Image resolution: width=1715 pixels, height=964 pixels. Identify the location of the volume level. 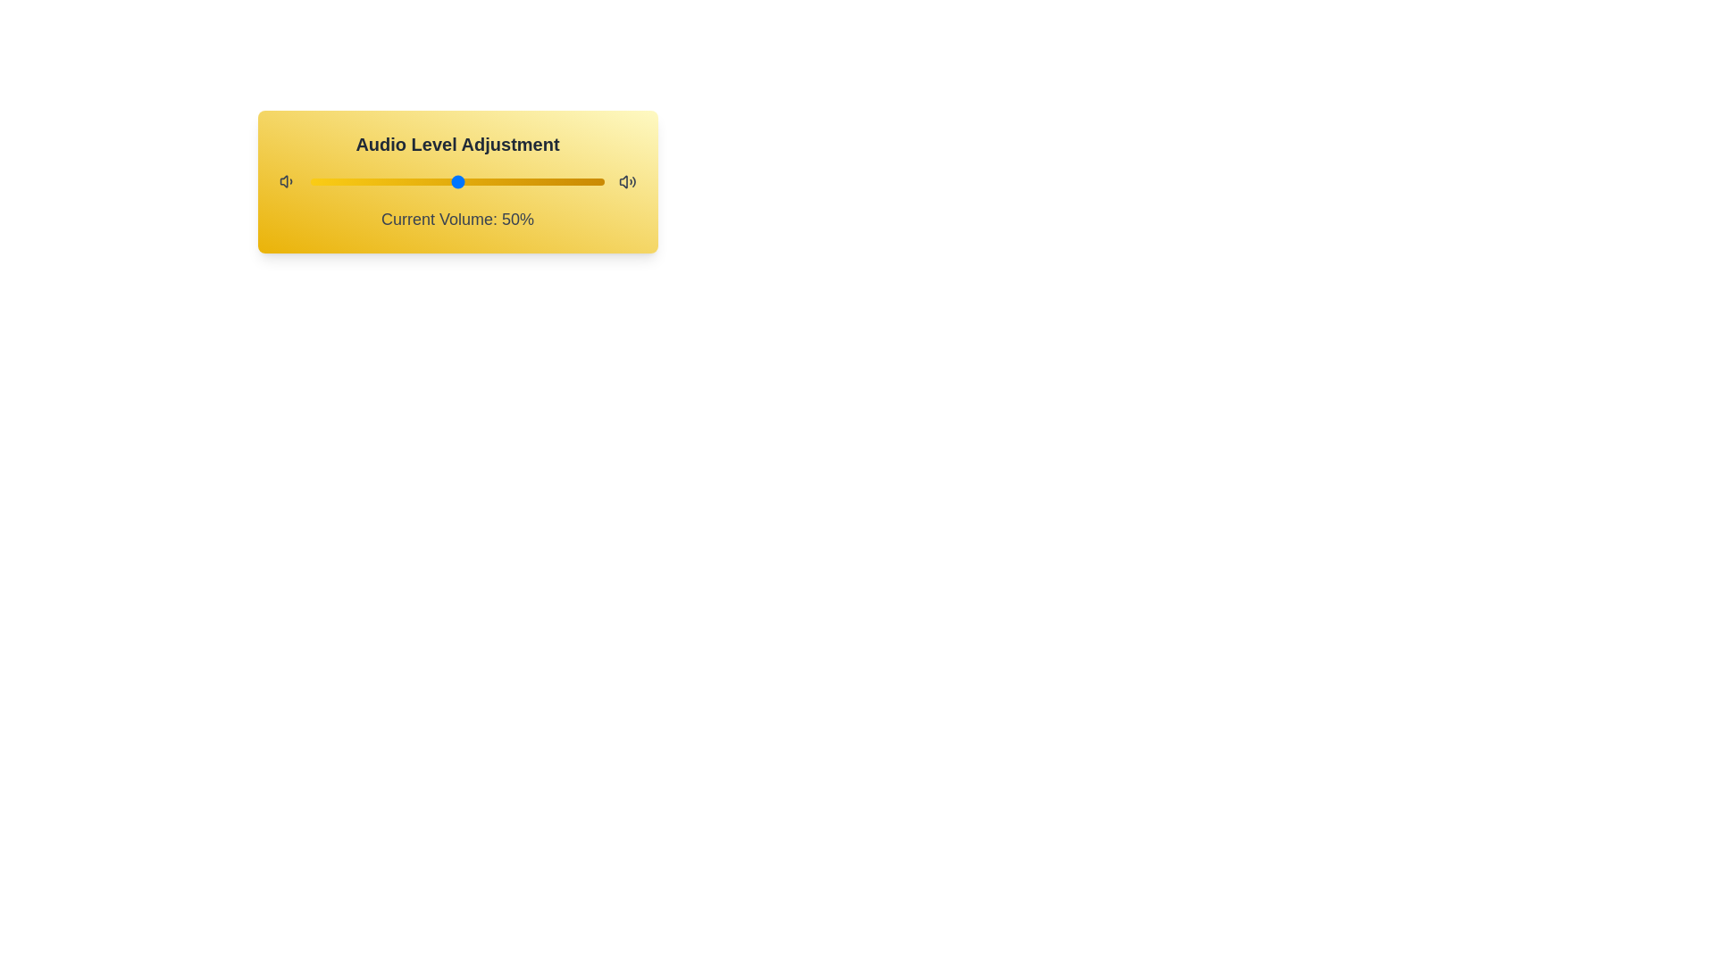
(413, 182).